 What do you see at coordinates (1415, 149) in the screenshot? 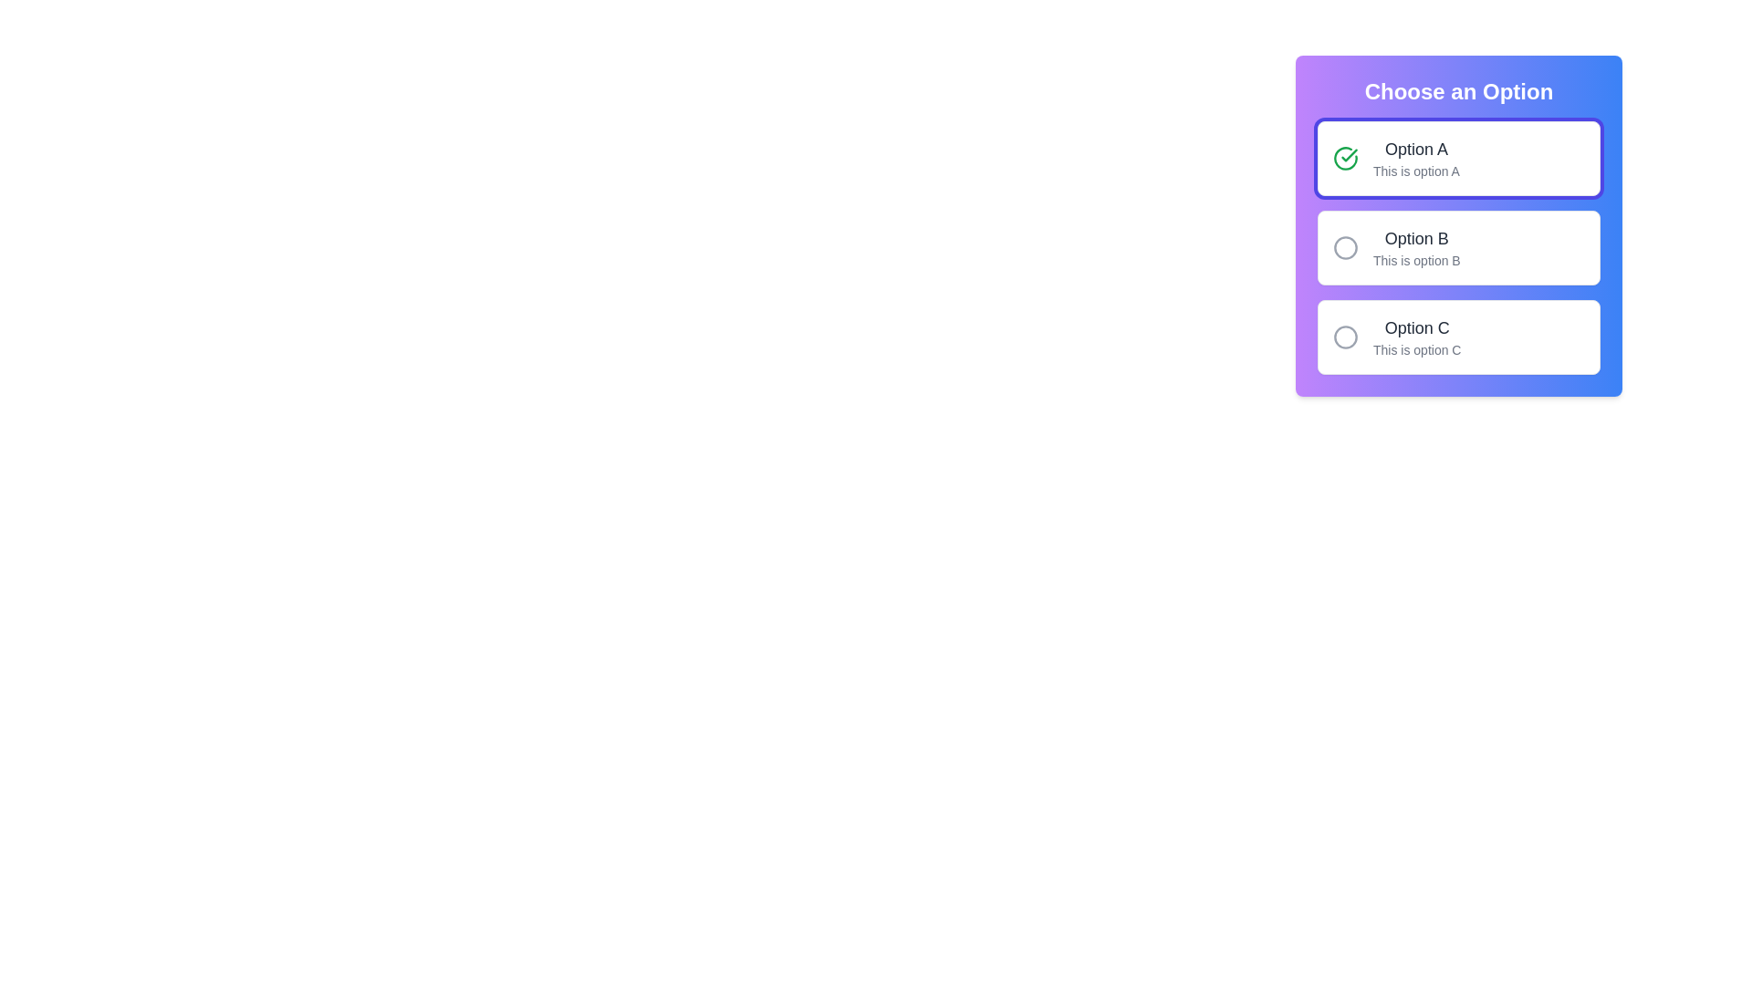
I see `the text label for the first selectable option in the list, located under the title 'Choose an Option'` at bounding box center [1415, 149].